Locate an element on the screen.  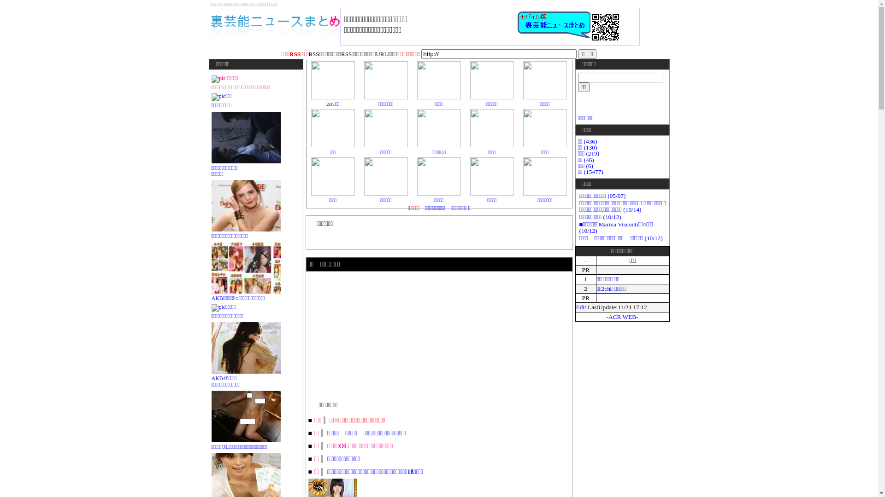
'Edit' is located at coordinates (575, 307).